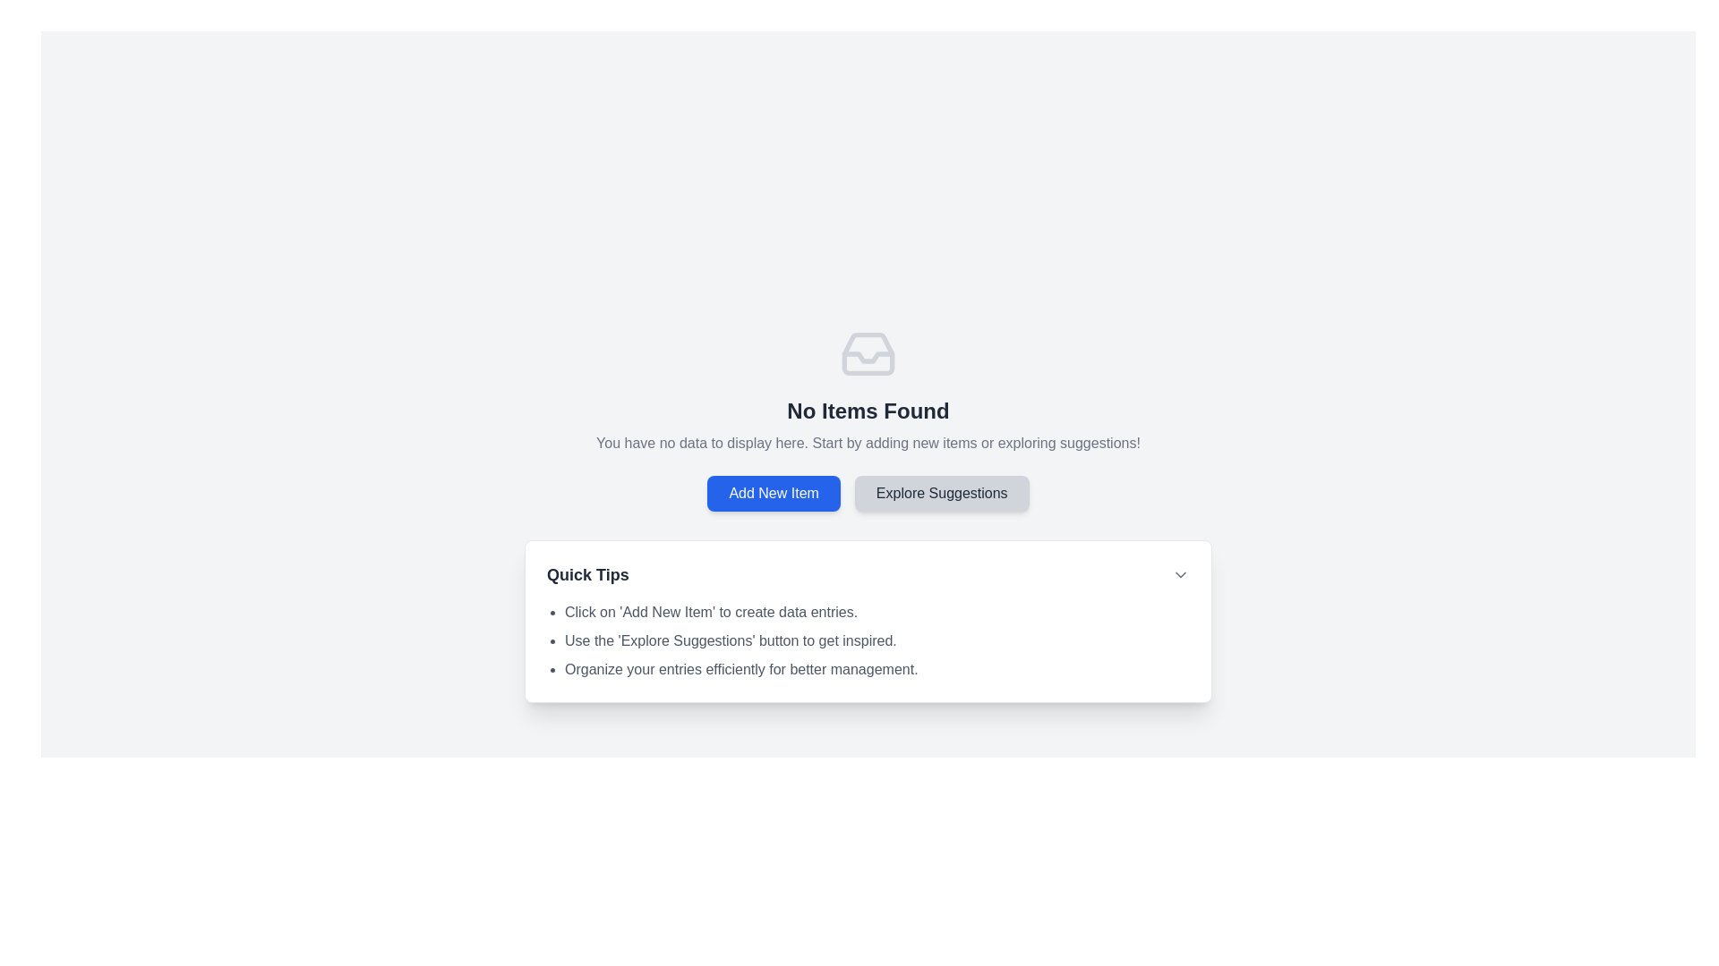 The image size is (1719, 966). What do you see at coordinates (774, 493) in the screenshot?
I see `the 'Add New Item' button located below the 'No Items Found' message and above the 'Quick Tips' section` at bounding box center [774, 493].